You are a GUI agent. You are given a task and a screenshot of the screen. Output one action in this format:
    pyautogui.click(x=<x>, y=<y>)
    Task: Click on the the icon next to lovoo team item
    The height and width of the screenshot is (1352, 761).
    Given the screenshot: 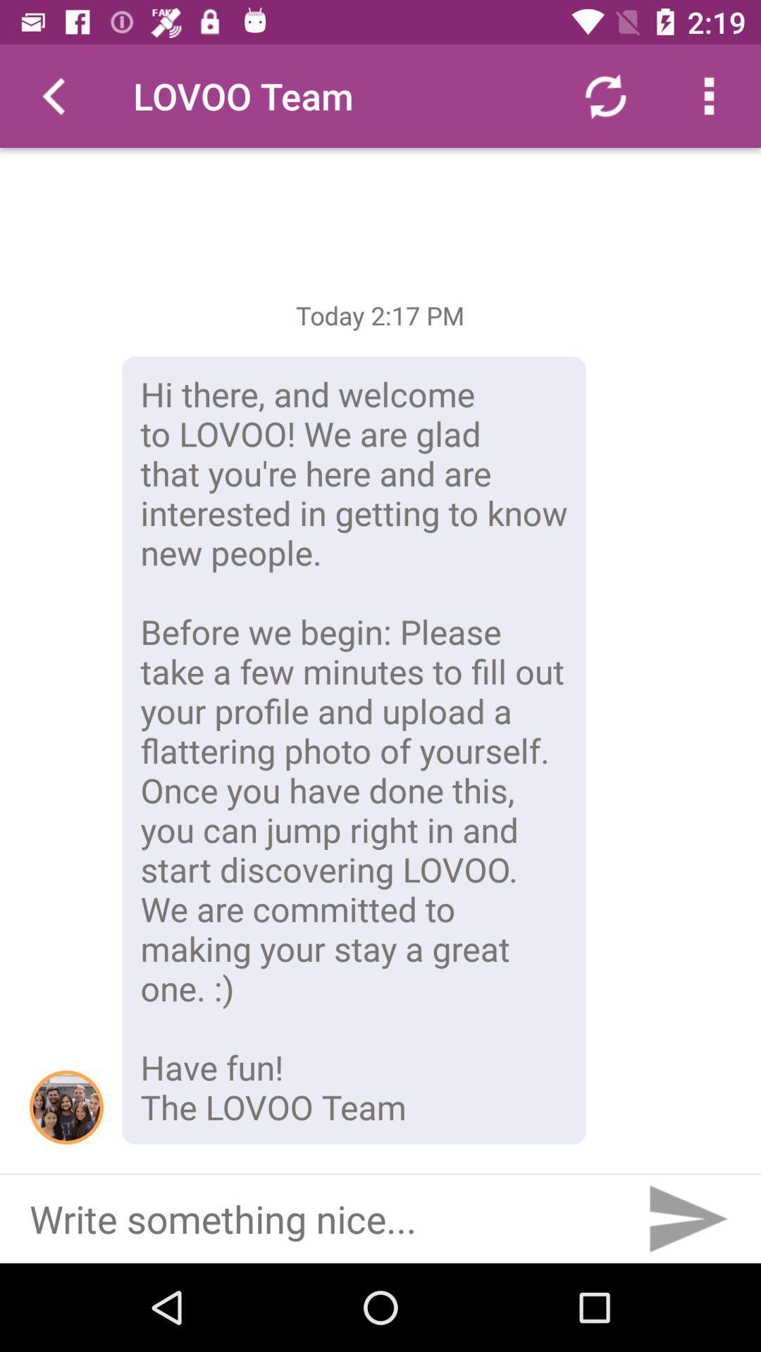 What is the action you would take?
    pyautogui.click(x=51, y=95)
    